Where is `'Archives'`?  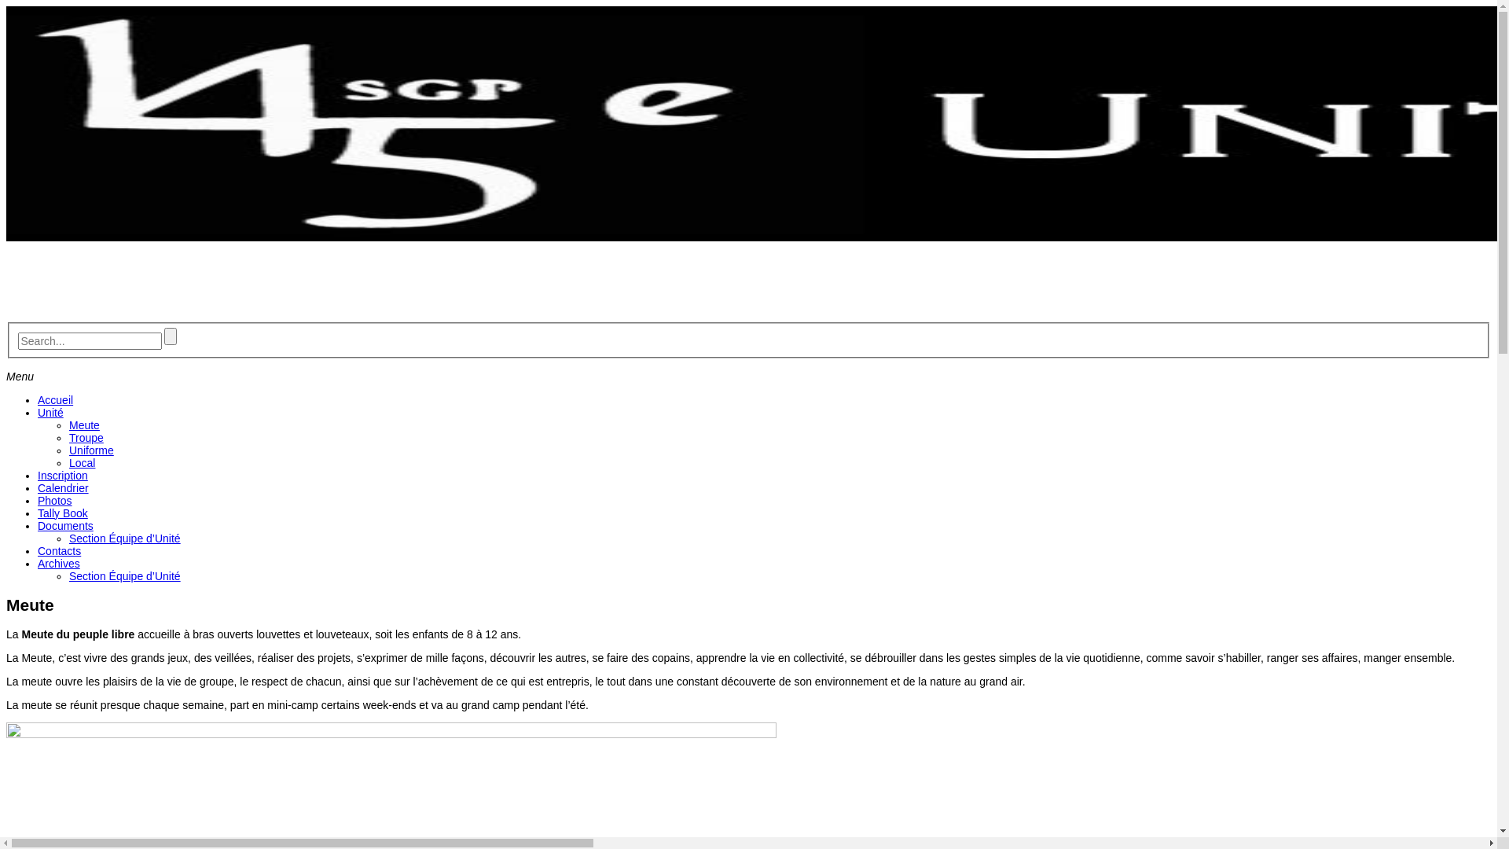 'Archives' is located at coordinates (59, 563).